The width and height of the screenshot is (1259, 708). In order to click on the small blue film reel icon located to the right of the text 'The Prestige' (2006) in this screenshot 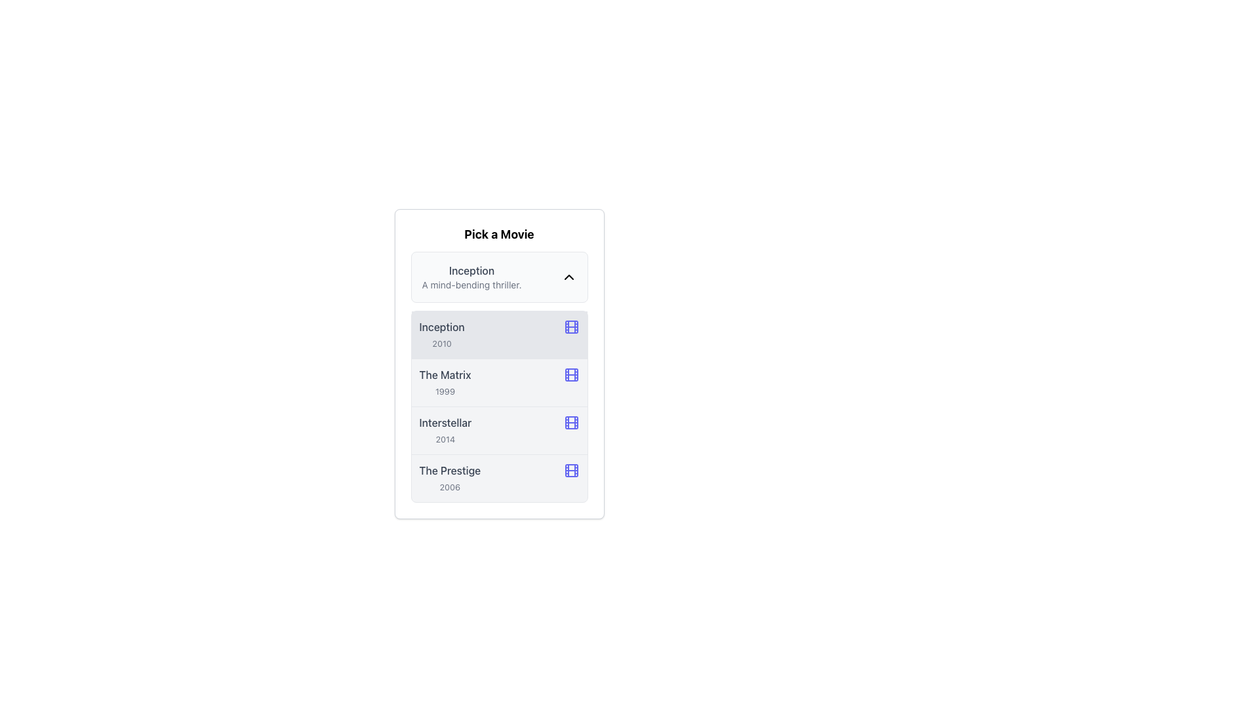, I will do `click(571, 469)`.